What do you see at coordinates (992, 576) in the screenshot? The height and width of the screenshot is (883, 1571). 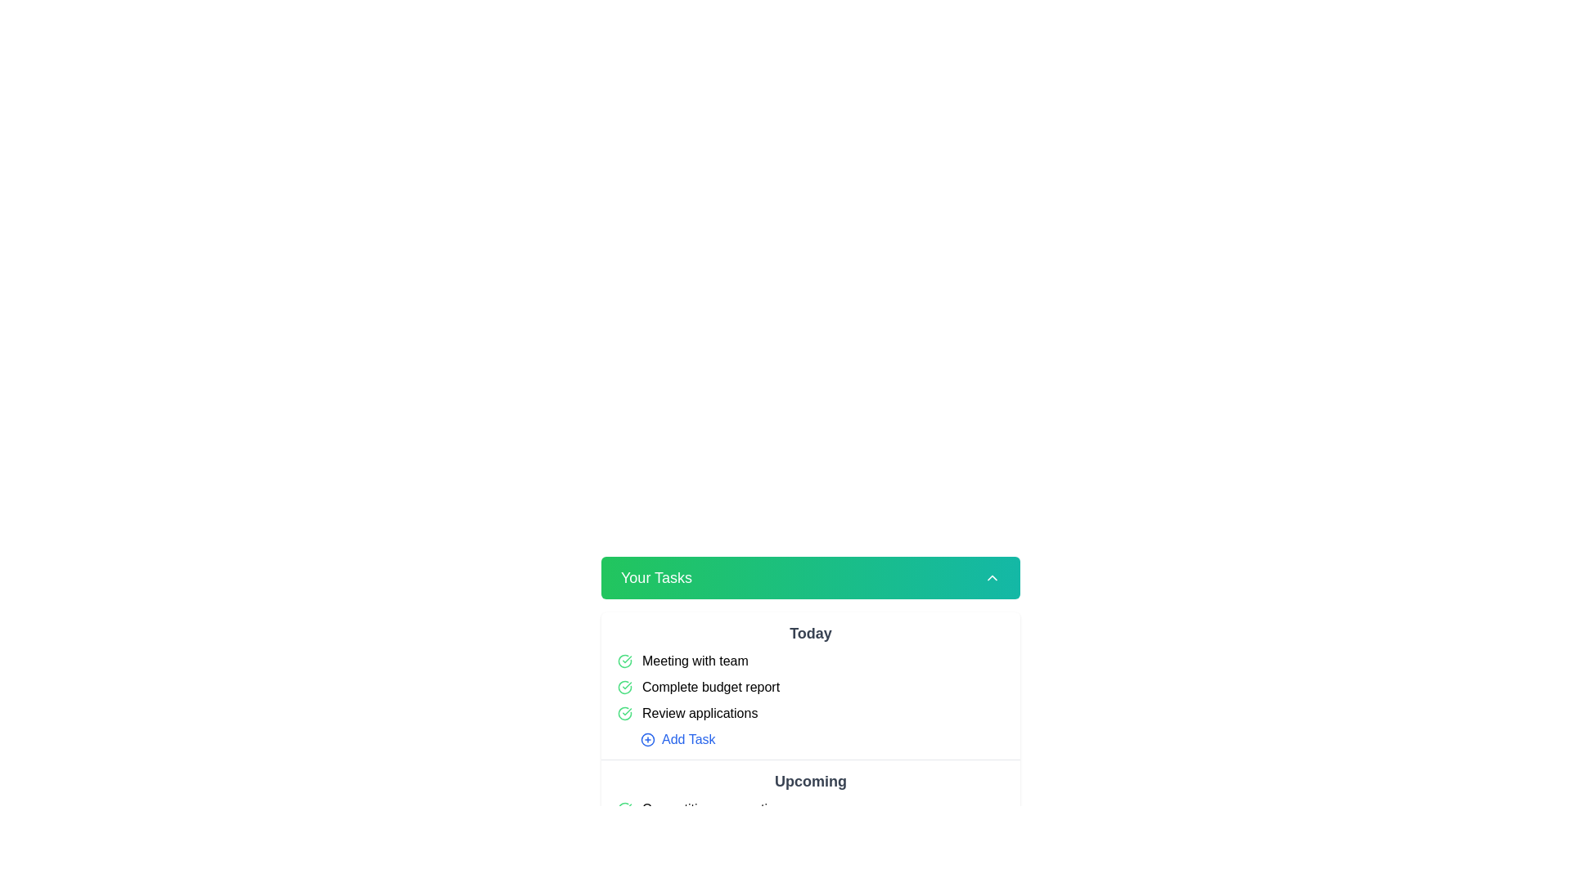 I see `the small upward-pointing chevron icon outlined in white, located at the far right of the gradient green bar` at bounding box center [992, 576].